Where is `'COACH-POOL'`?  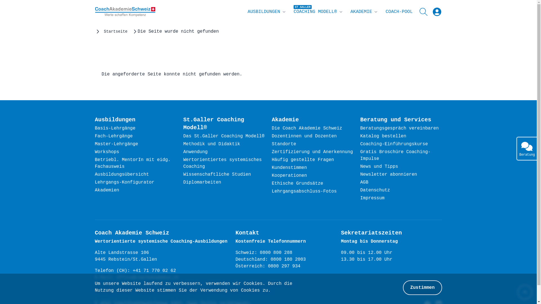 'COACH-POOL' is located at coordinates (399, 12).